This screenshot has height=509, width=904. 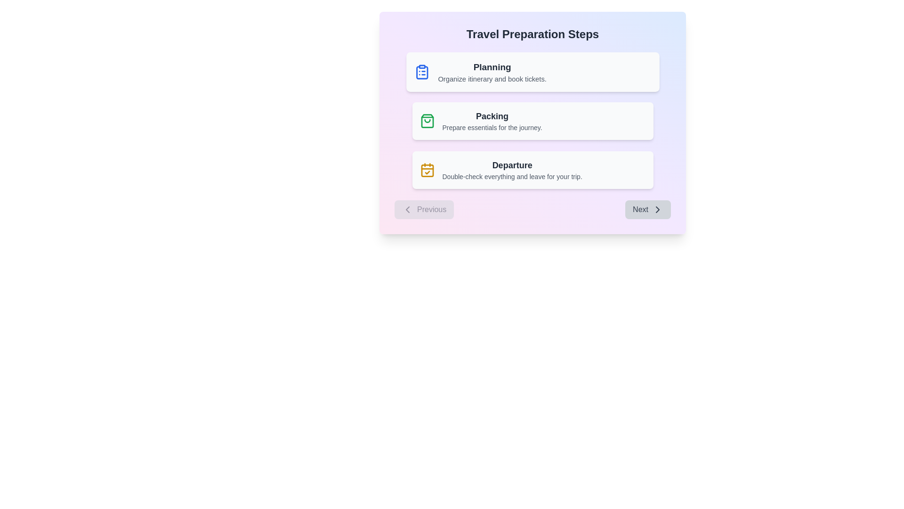 What do you see at coordinates (427, 171) in the screenshot?
I see `the central part of the SVG graphic representing the calendar icon, which is positioned above the checkmark and is associated with the 'Departure' label in the travel steps` at bounding box center [427, 171].